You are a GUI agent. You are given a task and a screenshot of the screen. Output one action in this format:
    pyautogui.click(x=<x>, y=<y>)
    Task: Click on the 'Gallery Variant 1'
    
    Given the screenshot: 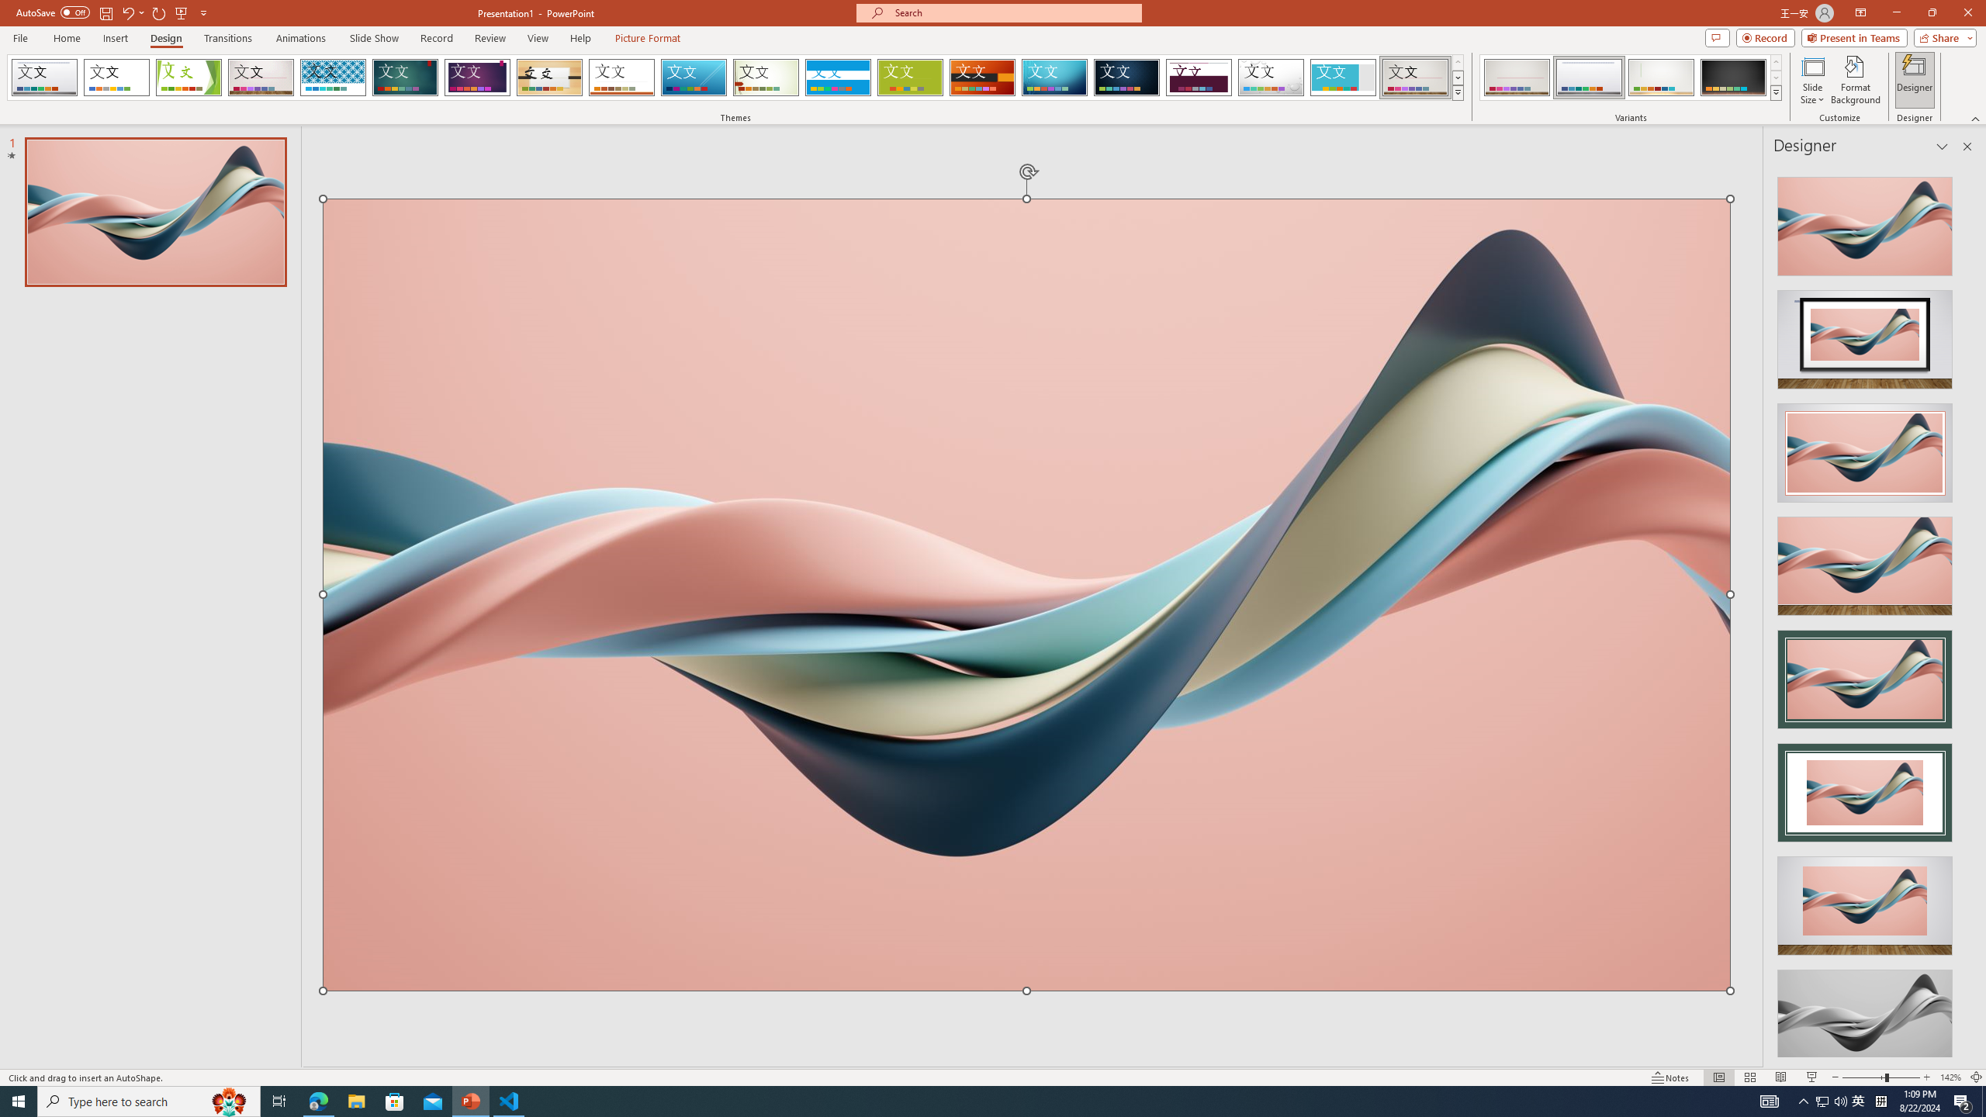 What is the action you would take?
    pyautogui.click(x=1516, y=77)
    